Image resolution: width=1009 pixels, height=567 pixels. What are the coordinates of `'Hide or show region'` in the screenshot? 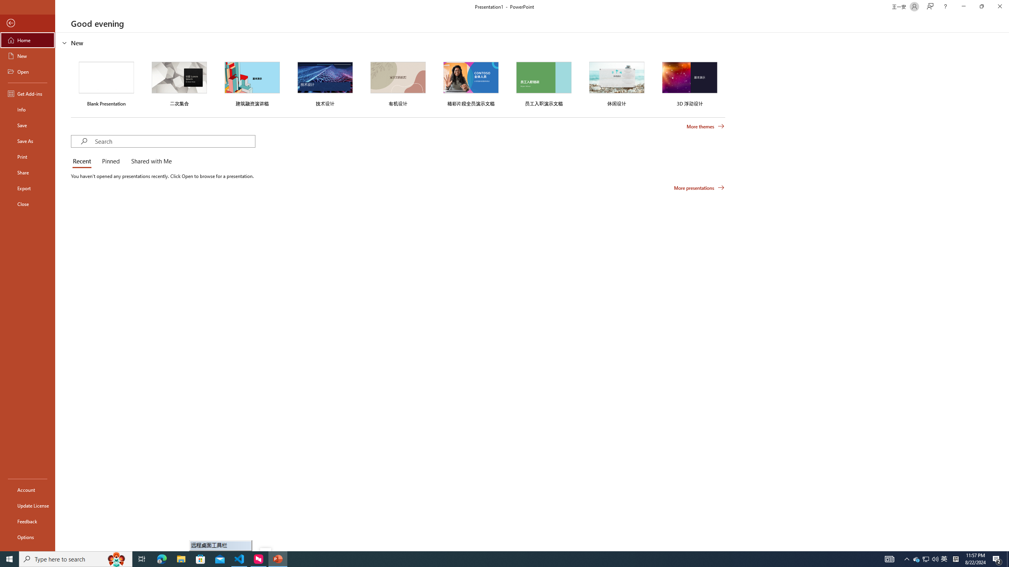 It's located at (64, 42).